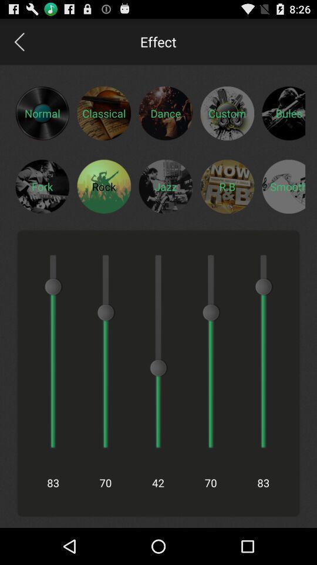 The image size is (317, 565). What do you see at coordinates (42, 186) in the screenshot?
I see `fork effect in audio amanger` at bounding box center [42, 186].